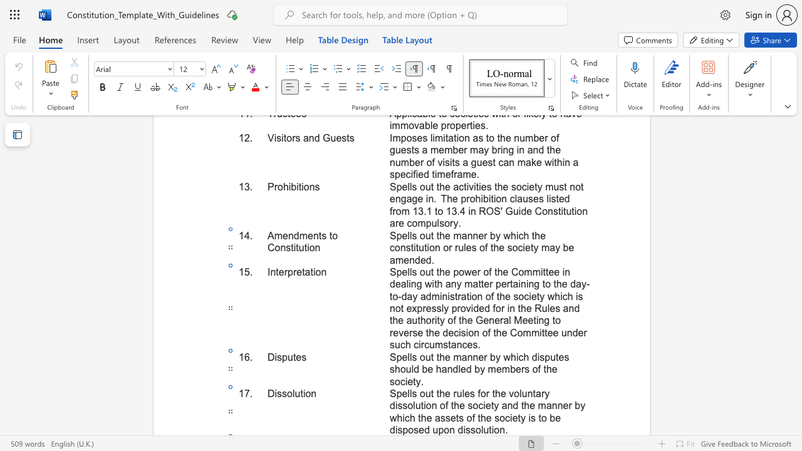 This screenshot has height=451, width=802. I want to click on the 3th character "d" in the text, so click(392, 429).